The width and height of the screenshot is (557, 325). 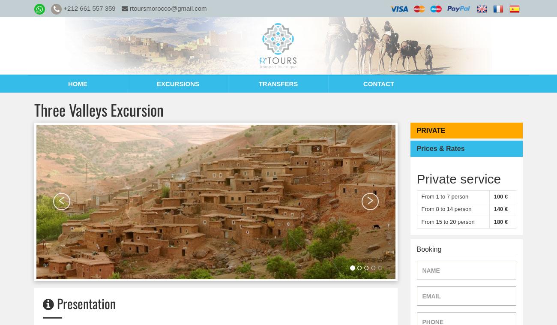 I want to click on 'From 1 to 7 person', so click(x=421, y=196).